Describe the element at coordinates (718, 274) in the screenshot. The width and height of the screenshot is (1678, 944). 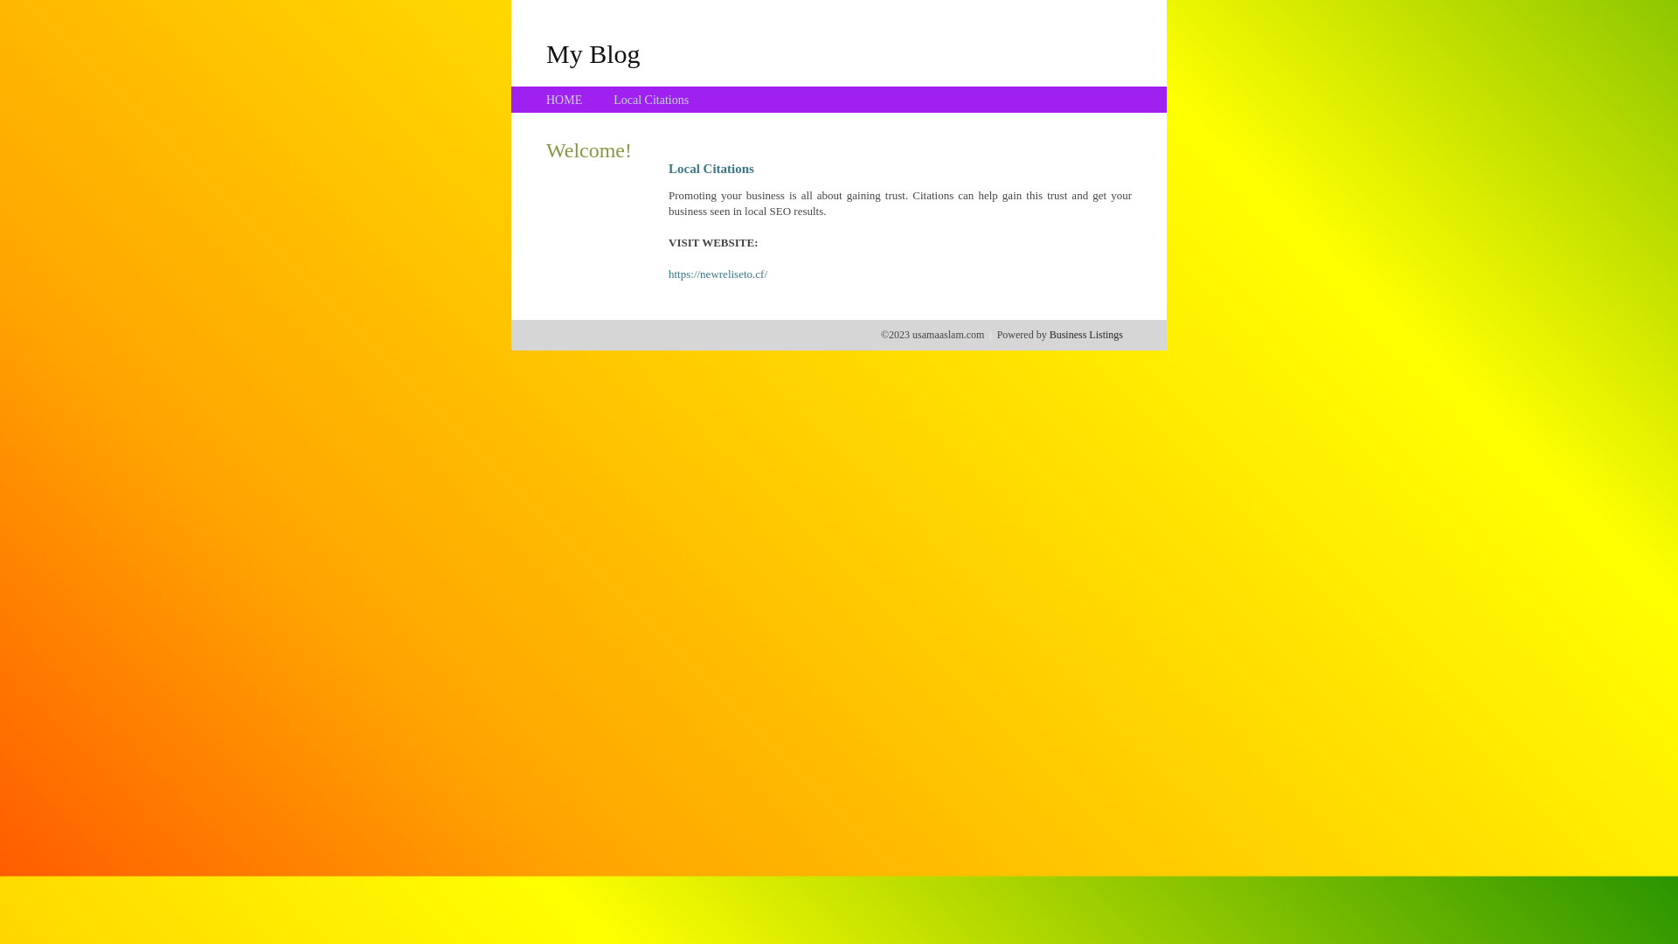
I see `'https://newreliseto.cf/'` at that location.